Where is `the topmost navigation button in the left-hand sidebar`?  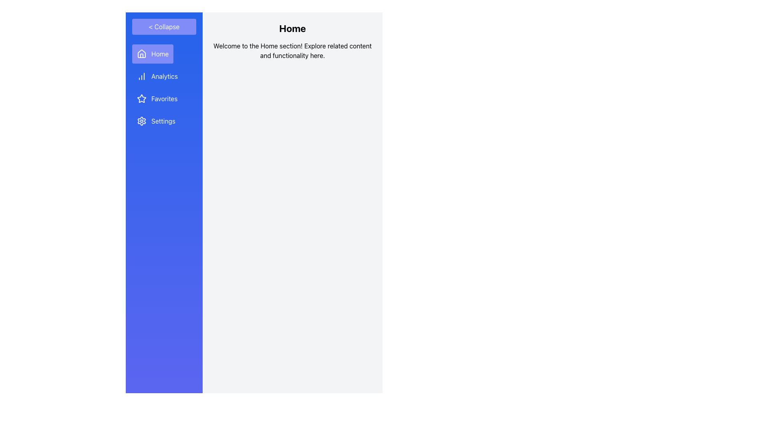
the topmost navigation button in the left-hand sidebar is located at coordinates (153, 54).